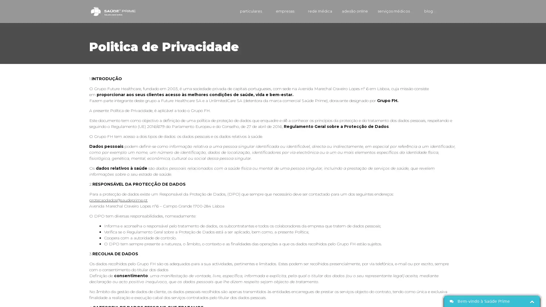 Image resolution: width=546 pixels, height=307 pixels. What do you see at coordinates (241, 11) in the screenshot?
I see `particulares` at bounding box center [241, 11].